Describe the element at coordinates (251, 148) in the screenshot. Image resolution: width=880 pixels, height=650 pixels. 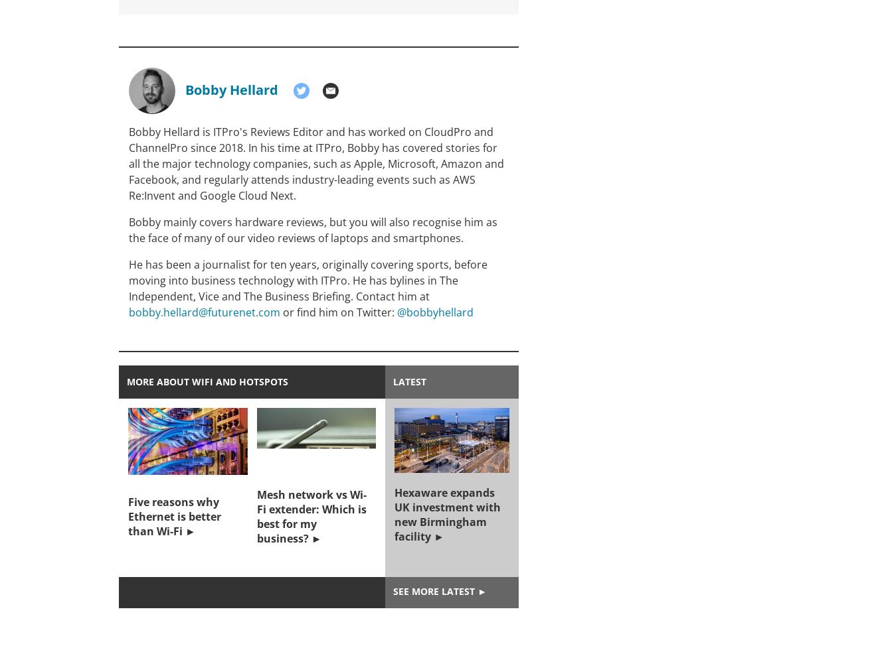
I see `'since 2018. In his time at'` at that location.